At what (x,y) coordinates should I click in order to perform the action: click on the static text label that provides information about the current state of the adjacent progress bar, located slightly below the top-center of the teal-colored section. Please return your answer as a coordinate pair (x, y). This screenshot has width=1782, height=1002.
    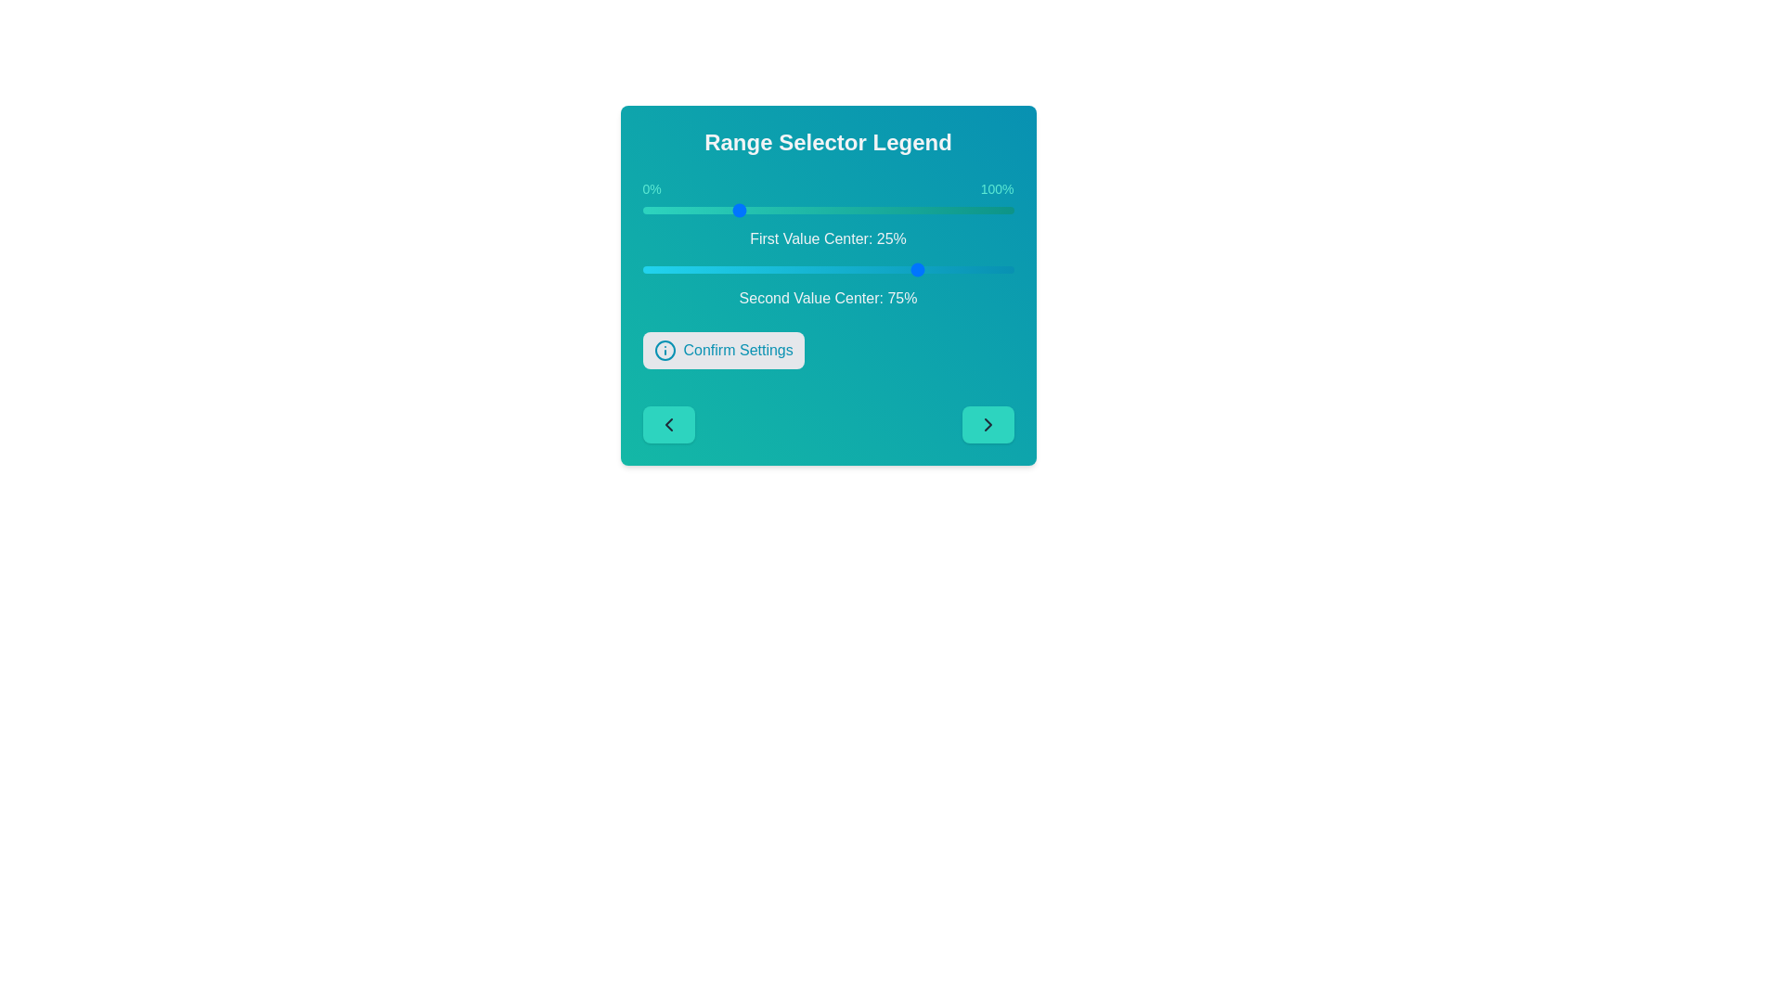
    Looking at the image, I should click on (827, 238).